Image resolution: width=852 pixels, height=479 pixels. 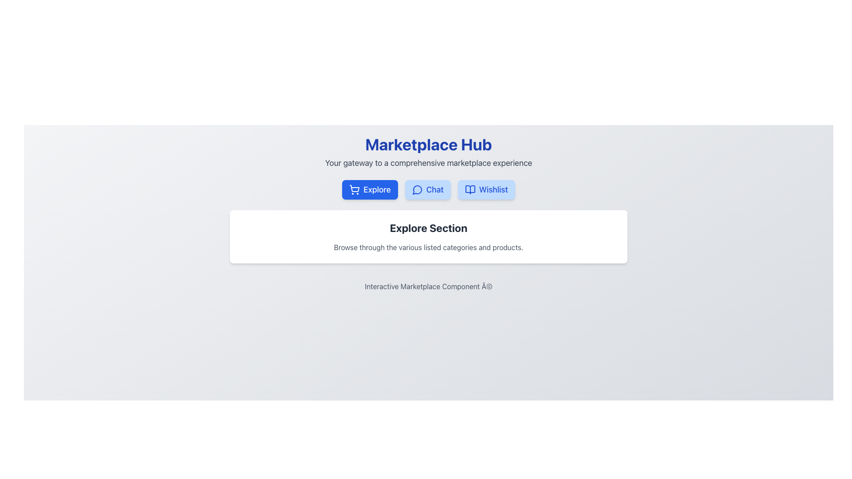 What do you see at coordinates (417, 189) in the screenshot?
I see `the 'Chat' button icon, which resembles a comment bubble, to initiate the action` at bounding box center [417, 189].